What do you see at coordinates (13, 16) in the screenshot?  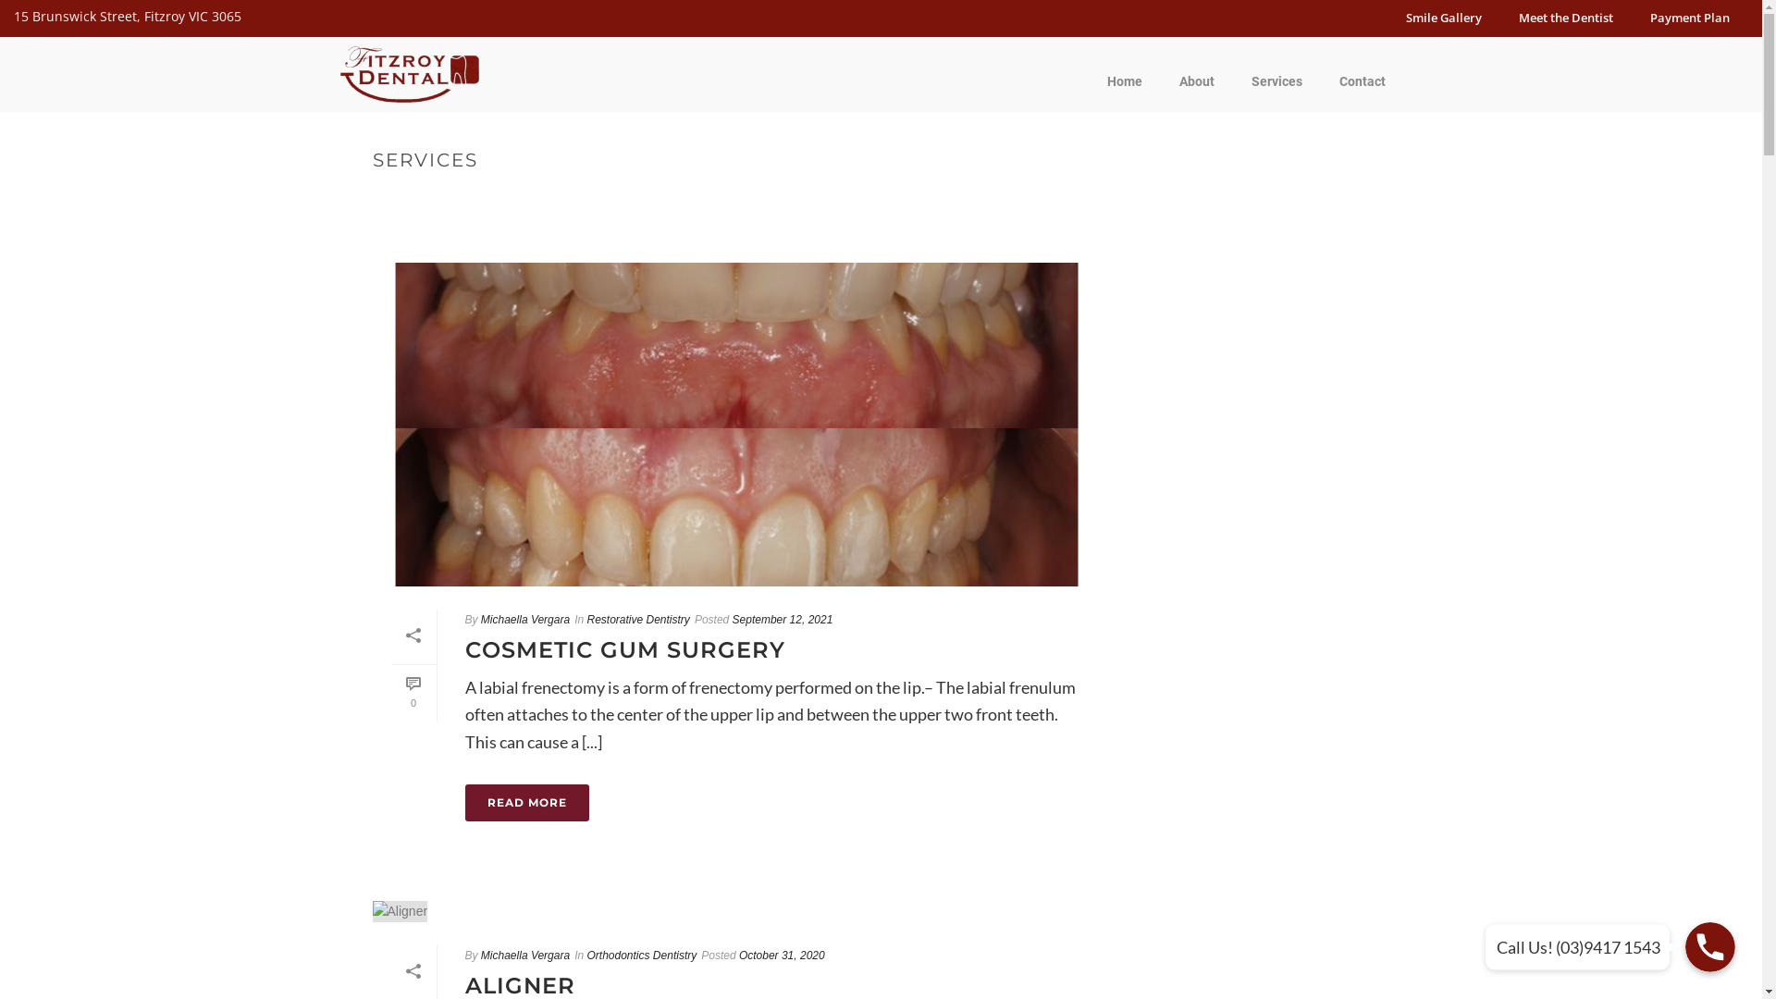 I see `'15 Brunswick Street, Fitzroy VIC 3065'` at bounding box center [13, 16].